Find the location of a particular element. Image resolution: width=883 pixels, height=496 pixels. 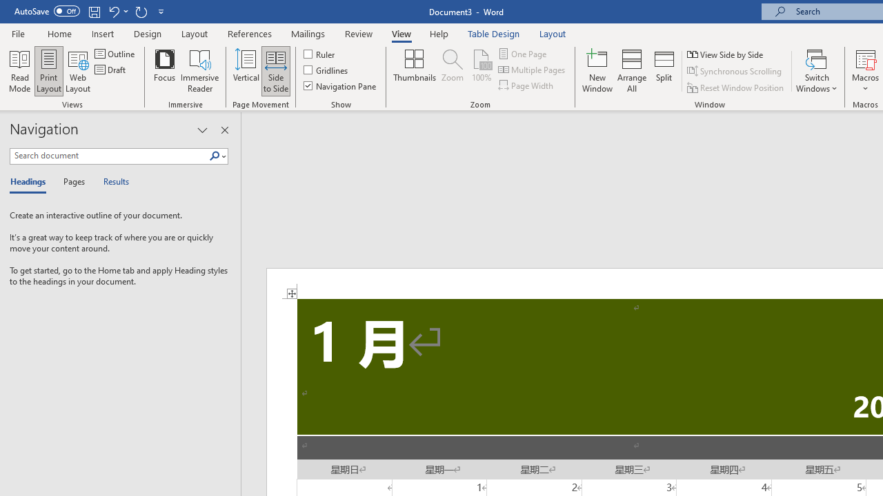

'Reset Window Position' is located at coordinates (736, 87).